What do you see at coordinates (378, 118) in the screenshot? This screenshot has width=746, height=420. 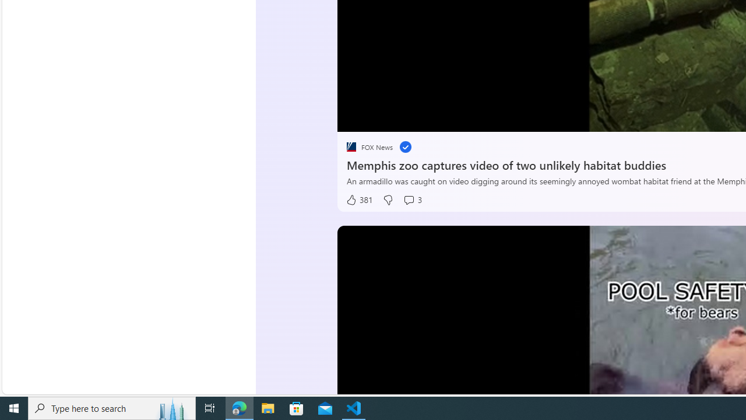 I see `'Seek Back'` at bounding box center [378, 118].